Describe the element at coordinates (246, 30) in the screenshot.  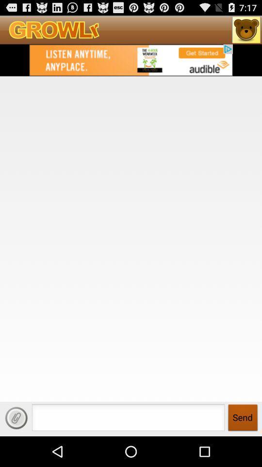
I see `open growlr` at that location.